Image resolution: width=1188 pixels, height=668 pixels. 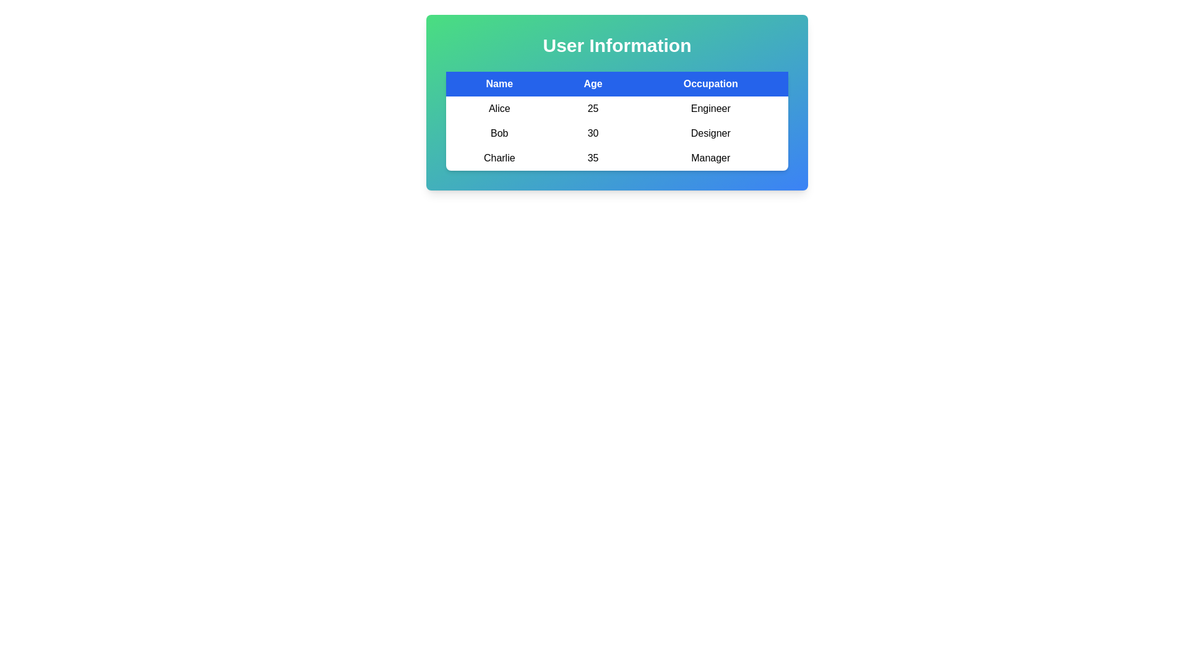 I want to click on the label displaying the number '35' in the 'Age' column corresponding to 'Charlie' in the table, so click(x=592, y=157).